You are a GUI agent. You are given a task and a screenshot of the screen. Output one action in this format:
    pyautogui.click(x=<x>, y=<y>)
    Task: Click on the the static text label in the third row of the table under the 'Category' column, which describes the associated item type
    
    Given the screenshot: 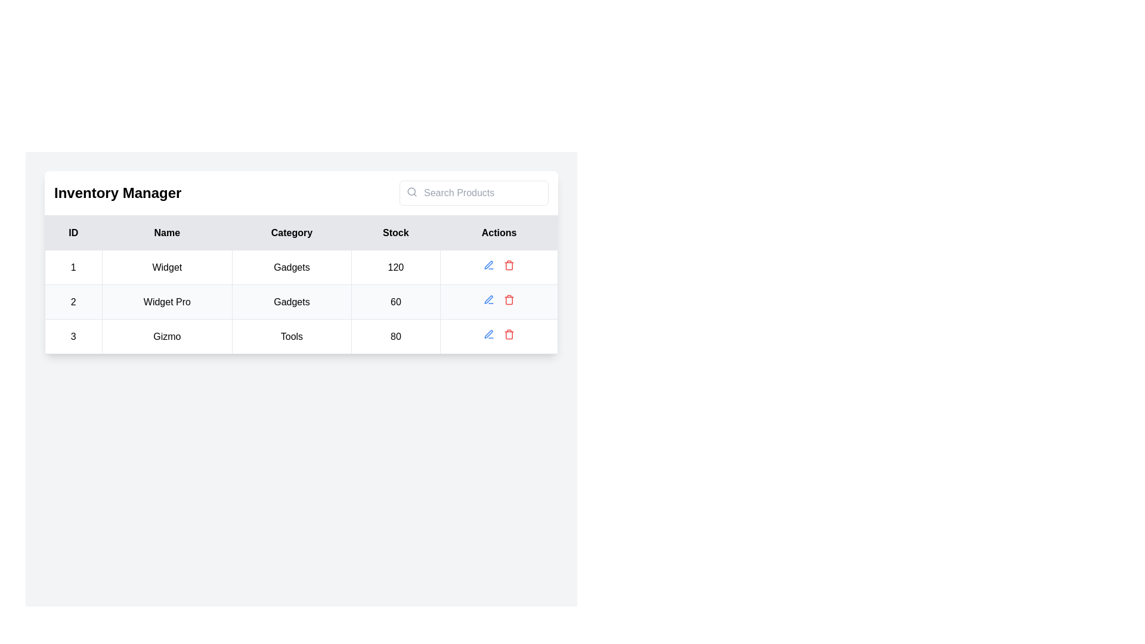 What is the action you would take?
    pyautogui.click(x=292, y=336)
    